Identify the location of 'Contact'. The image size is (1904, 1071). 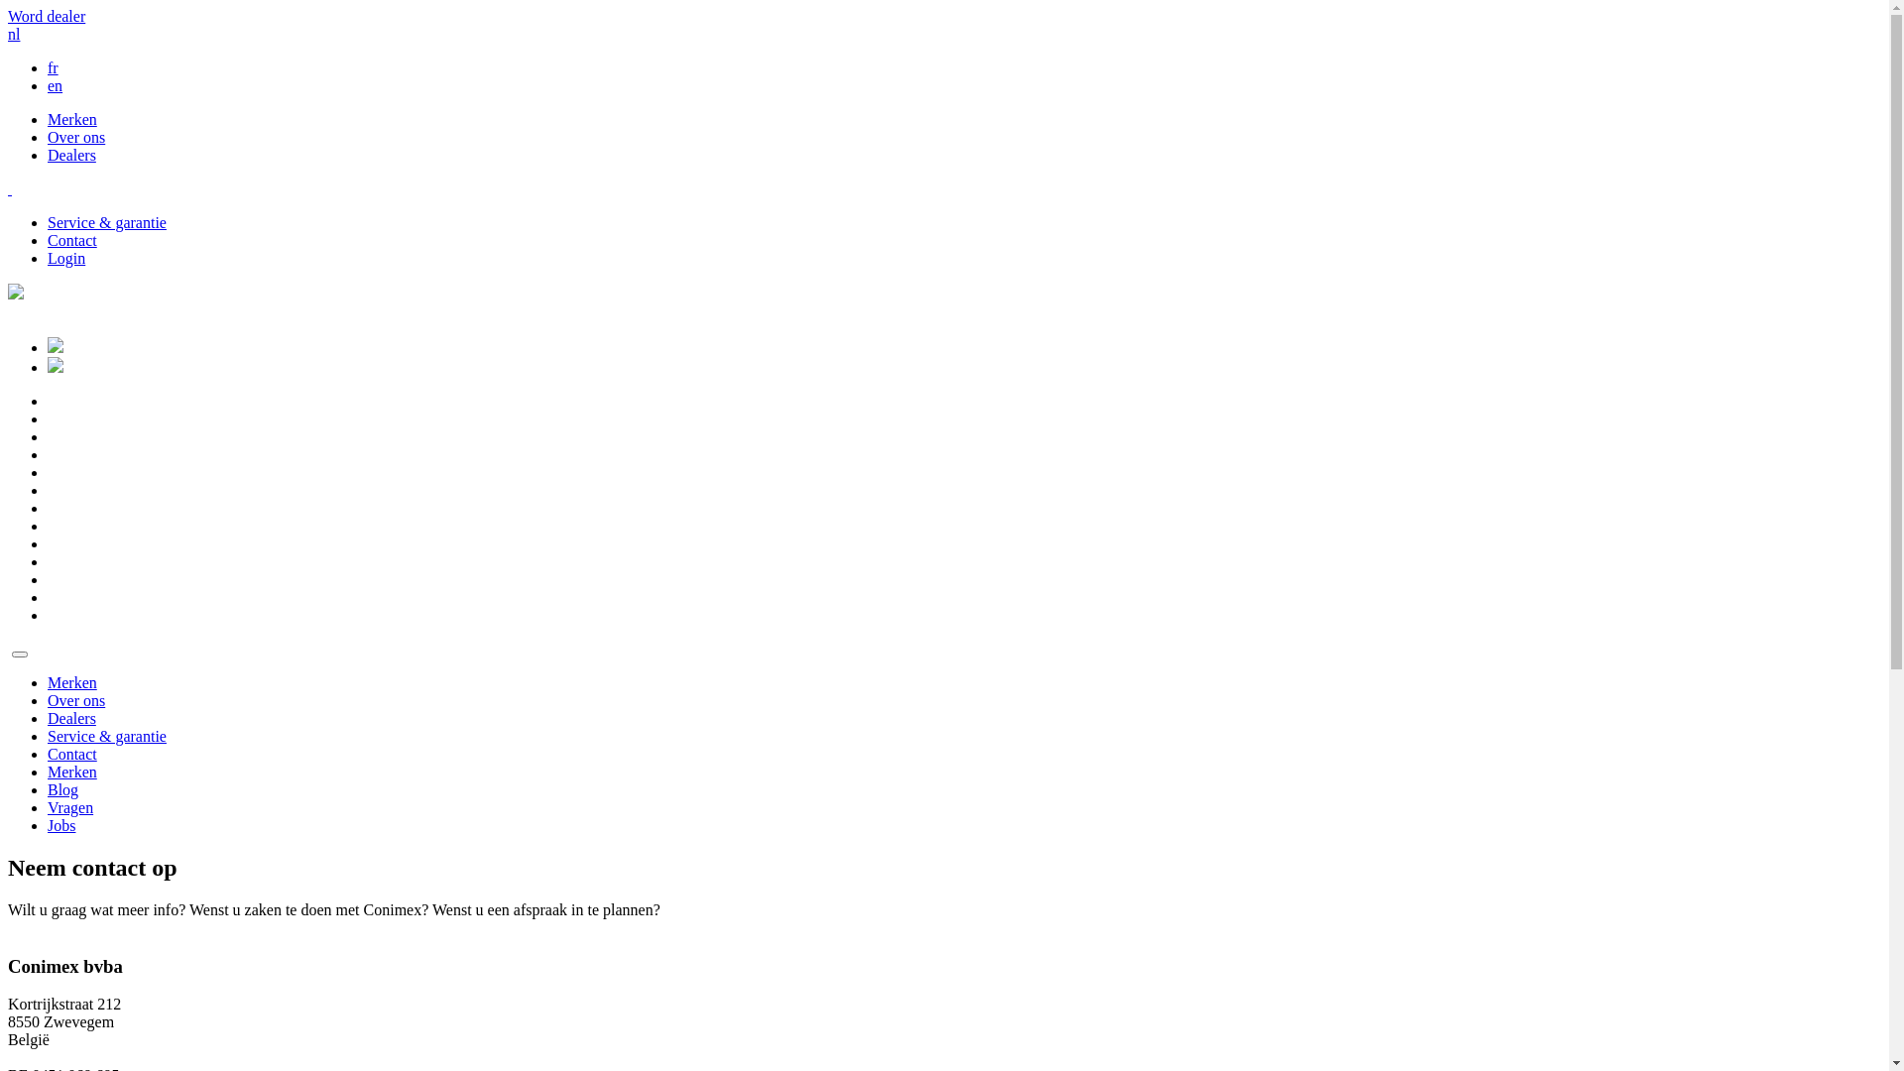
(71, 754).